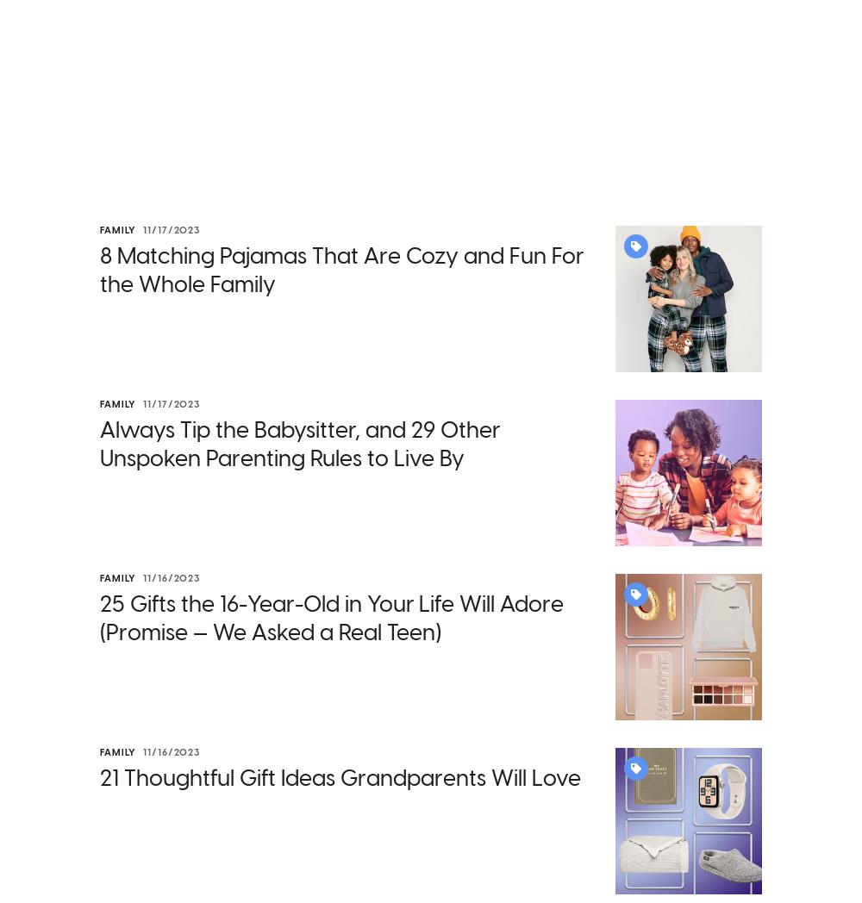 The height and width of the screenshot is (903, 862). I want to click on 'Remember that childcare worker mentioned above who only took home $3 per child per hour? Keeping childcare costs low so that parents can work and support the economy while also ensuring that daycares have enough funds to support staff and other operating expenses creates a complex dynamic with an inherent push-pull of priorities.', so click(429, 356).